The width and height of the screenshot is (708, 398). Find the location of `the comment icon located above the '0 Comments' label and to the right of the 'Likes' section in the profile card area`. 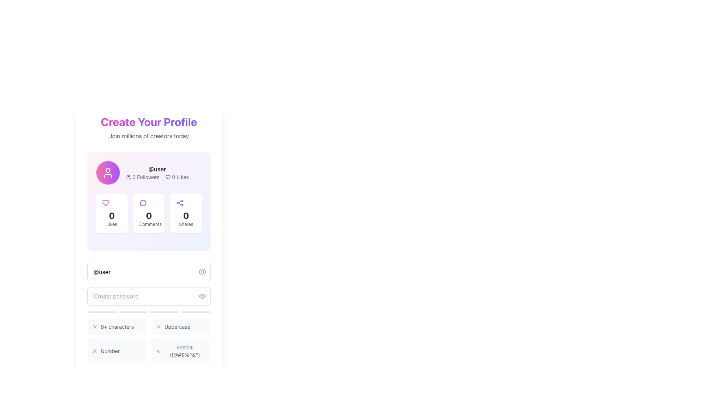

the comment icon located above the '0 Comments' label and to the right of the 'Likes' section in the profile card area is located at coordinates (143, 203).